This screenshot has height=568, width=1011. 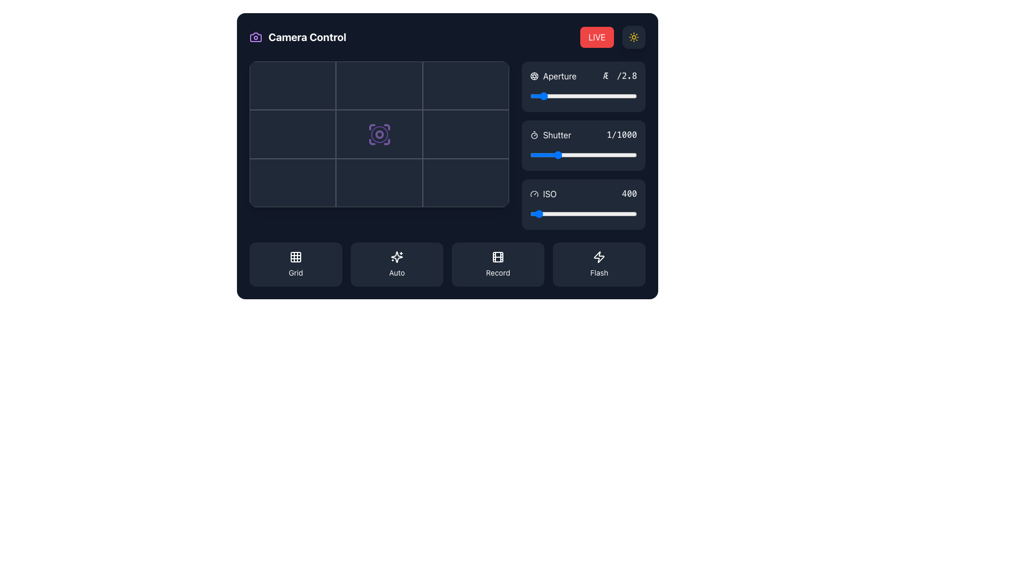 What do you see at coordinates (597, 36) in the screenshot?
I see `the red 'LIVE' button located in the top-right corner of the interface` at bounding box center [597, 36].